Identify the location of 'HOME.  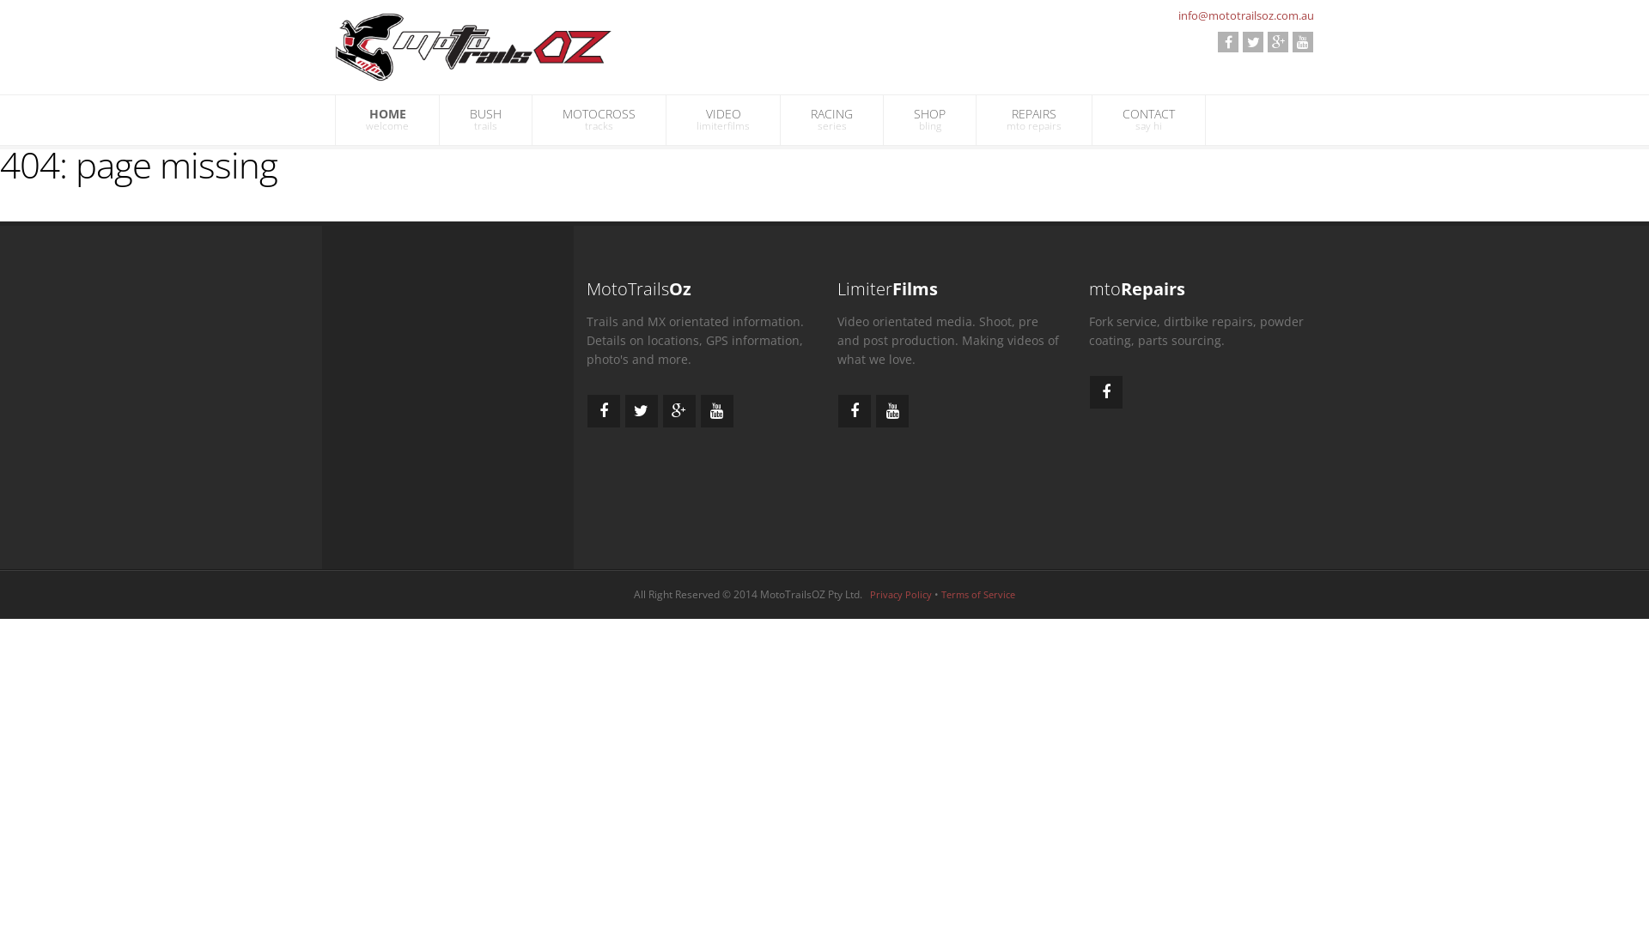
(386, 118).